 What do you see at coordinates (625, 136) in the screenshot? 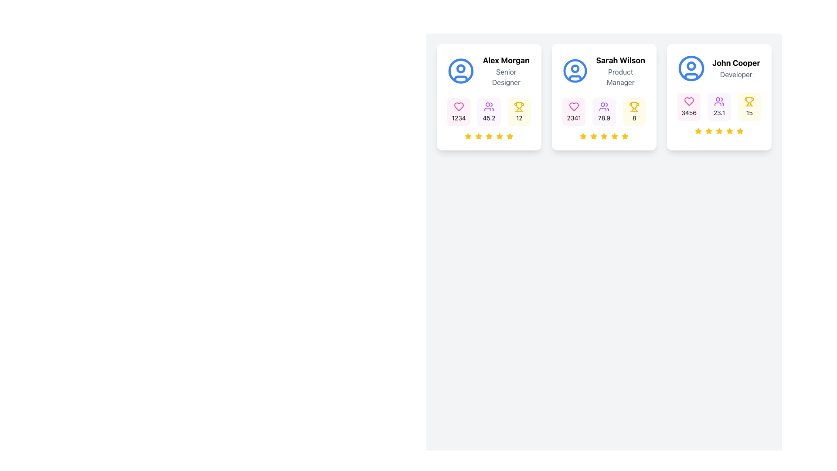
I see `the sixth star in the row of seven rating stars at the bottom of the middle profile card to rate it` at bounding box center [625, 136].